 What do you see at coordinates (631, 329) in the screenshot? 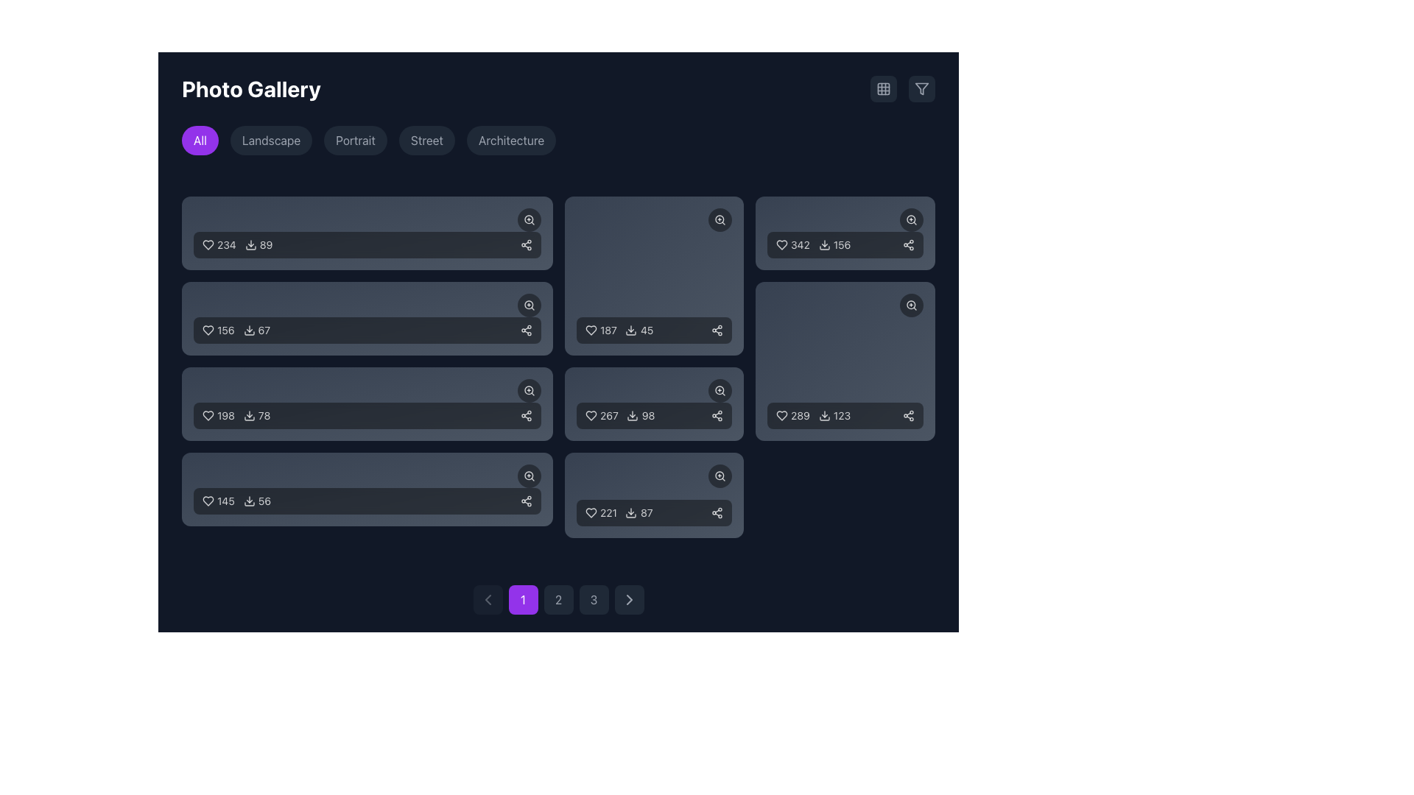
I see `the download icon located in the bottom-right corner of the content card, adjacent to the text label '45', to initiate a download` at bounding box center [631, 329].